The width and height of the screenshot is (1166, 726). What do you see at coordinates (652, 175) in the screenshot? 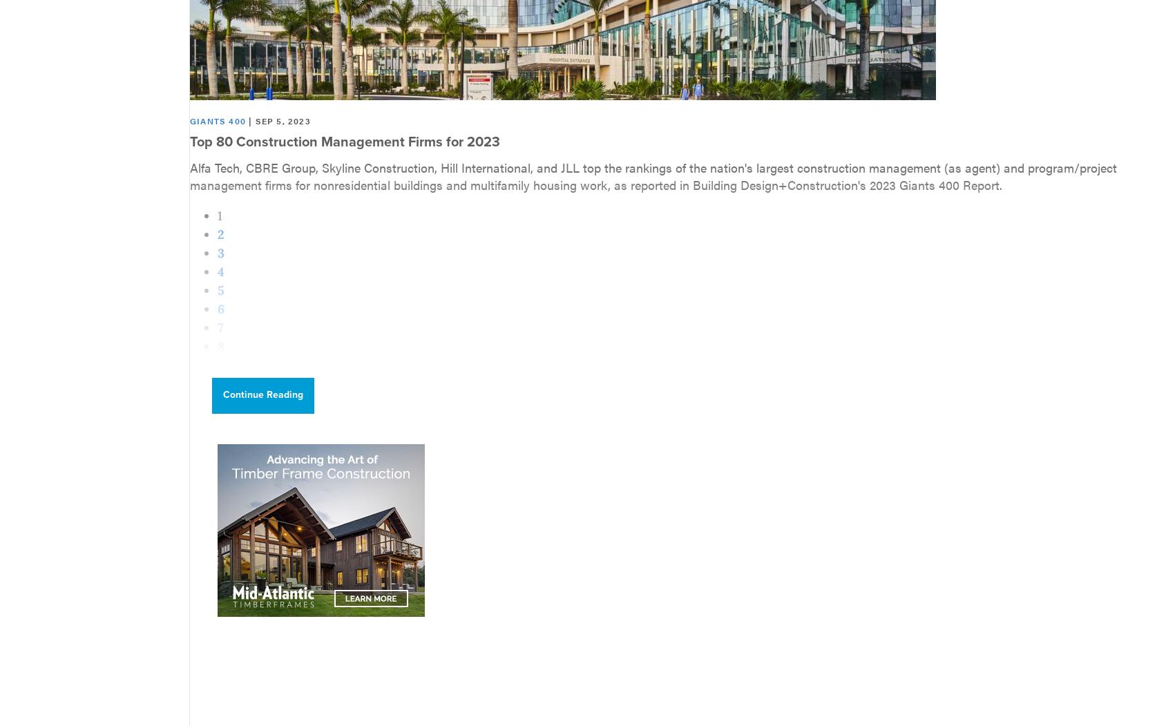
I see `'Alfa Tech, CBRE Group, Skyline Construction, Hill International, and JLL top the rankings of the nation's largest construction management (as agent) and program/project management firms for nonresidential buildings and multifamily housing work, as reported in Building Design+Construction's 2023 Giants 400 Report.'` at bounding box center [652, 175].